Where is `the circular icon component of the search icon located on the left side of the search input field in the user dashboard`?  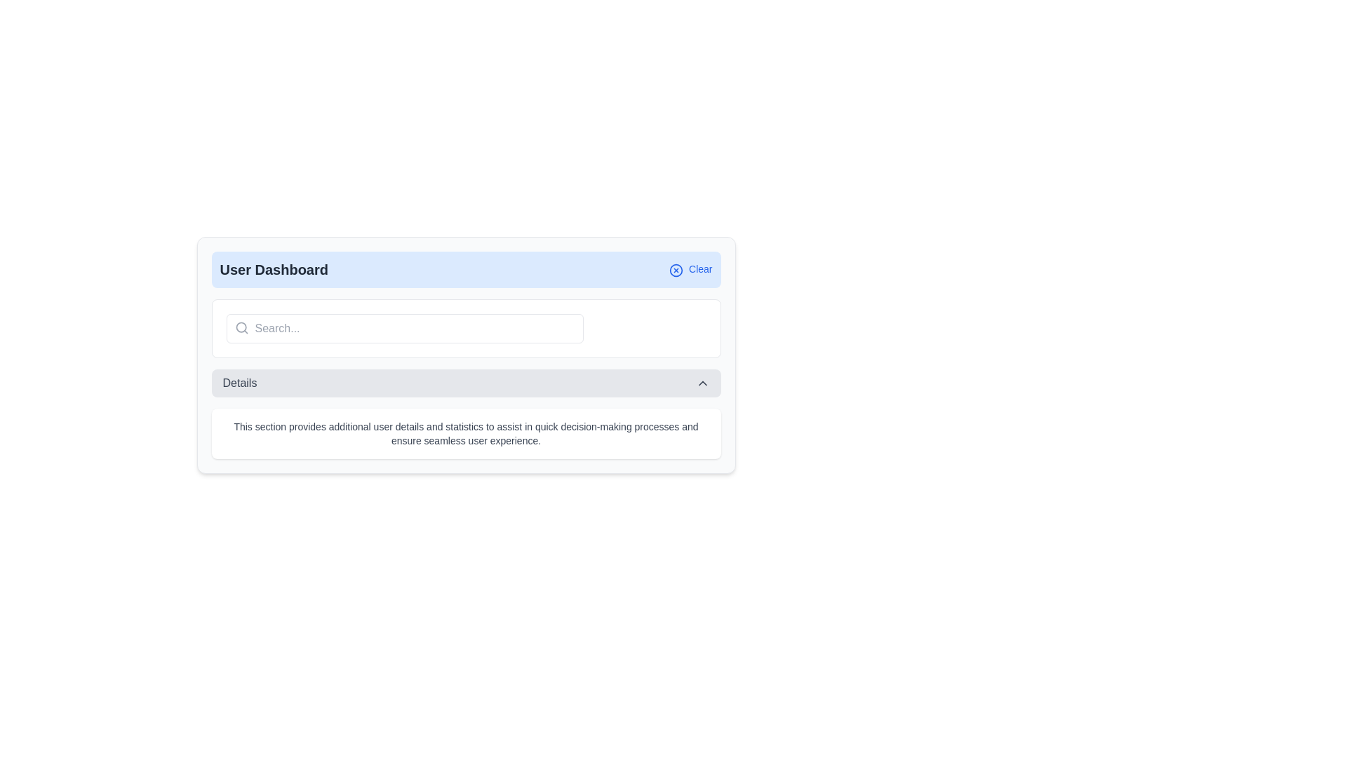 the circular icon component of the search icon located on the left side of the search input field in the user dashboard is located at coordinates (241, 327).